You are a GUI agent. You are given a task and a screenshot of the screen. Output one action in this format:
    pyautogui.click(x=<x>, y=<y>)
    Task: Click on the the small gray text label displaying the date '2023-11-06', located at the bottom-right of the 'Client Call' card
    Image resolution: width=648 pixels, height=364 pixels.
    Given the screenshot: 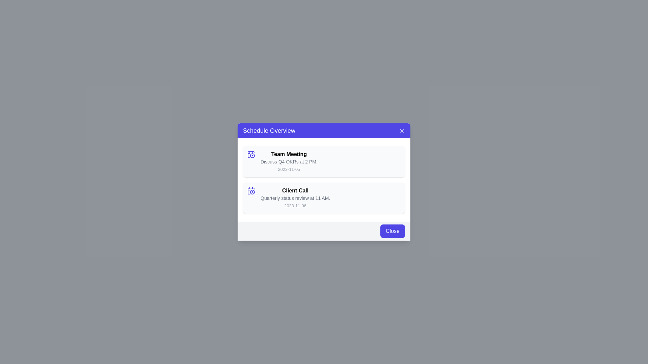 What is the action you would take?
    pyautogui.click(x=295, y=205)
    